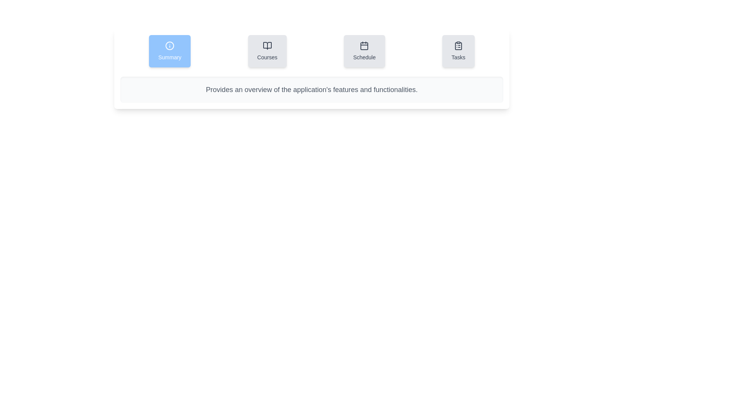  Describe the element at coordinates (364, 51) in the screenshot. I see `the Schedule tab by clicking on it` at that location.